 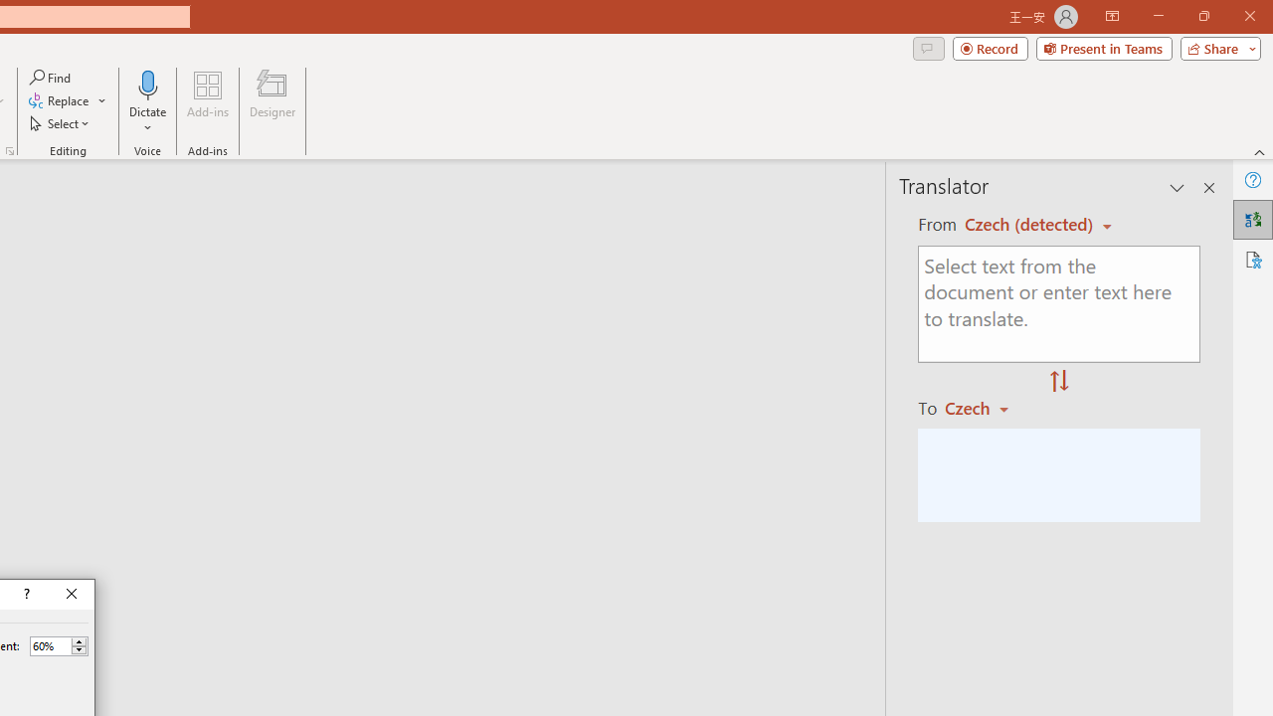 I want to click on 'Percent', so click(x=50, y=645).